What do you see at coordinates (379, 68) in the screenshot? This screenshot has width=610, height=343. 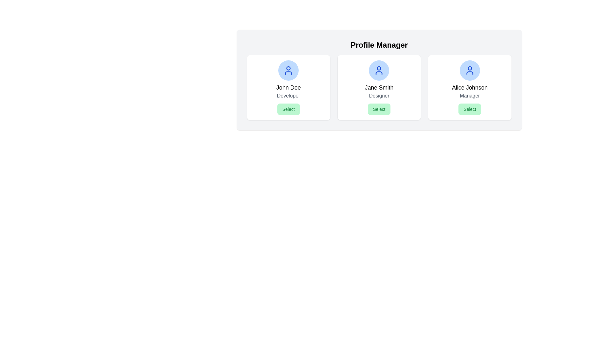 I see `the circular graphics element representing the user icon for 'Jane Smith' in the 'Profile Manager' interface` at bounding box center [379, 68].